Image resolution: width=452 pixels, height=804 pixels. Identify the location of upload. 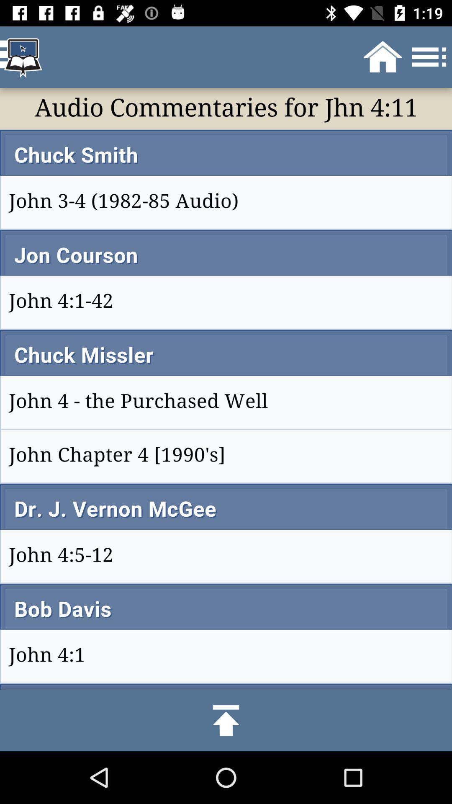
(226, 720).